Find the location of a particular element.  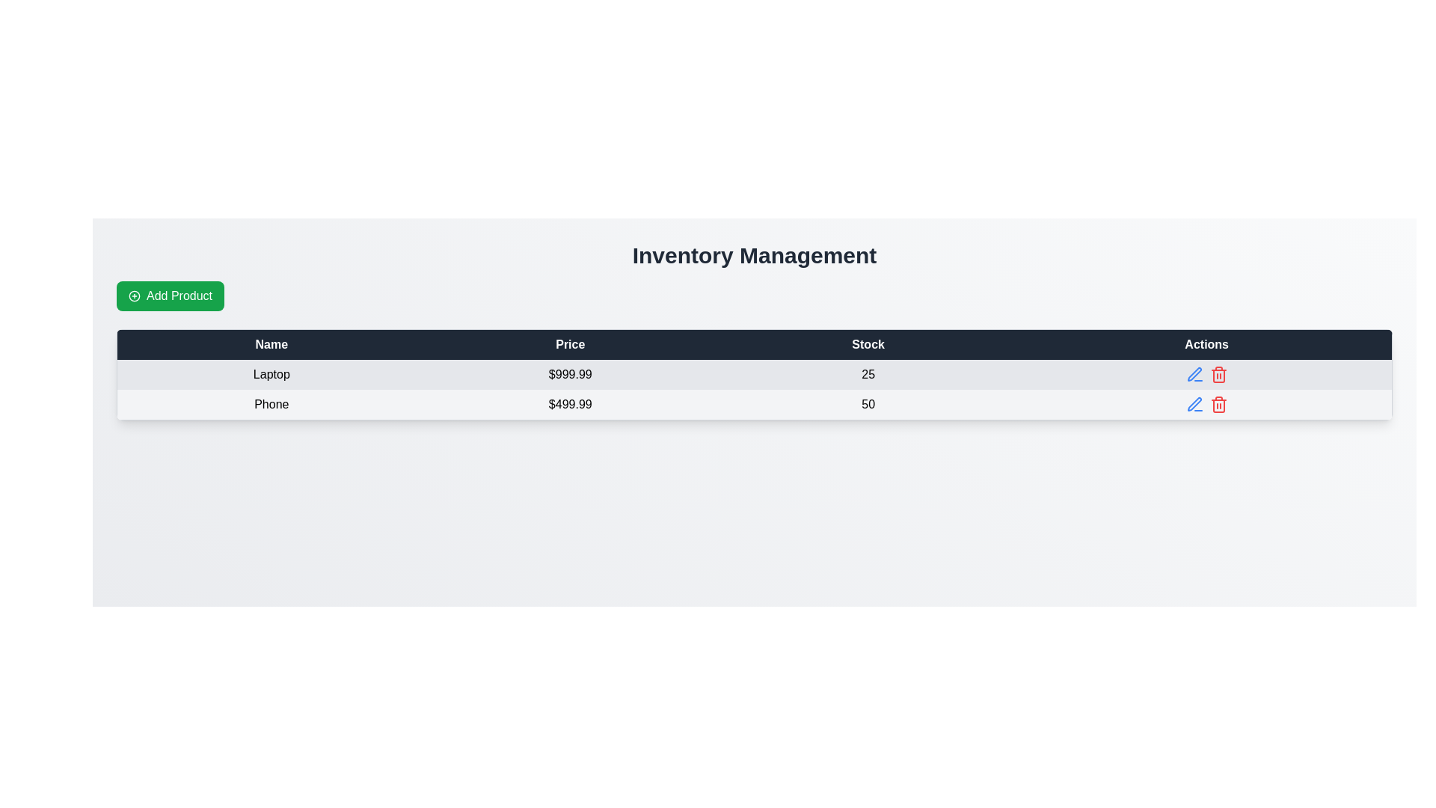

the table header cell labeled 'Actions' which is styled in bold, white font on a dark blue background, located on the far-right side of the table header row is located at coordinates (1206, 344).